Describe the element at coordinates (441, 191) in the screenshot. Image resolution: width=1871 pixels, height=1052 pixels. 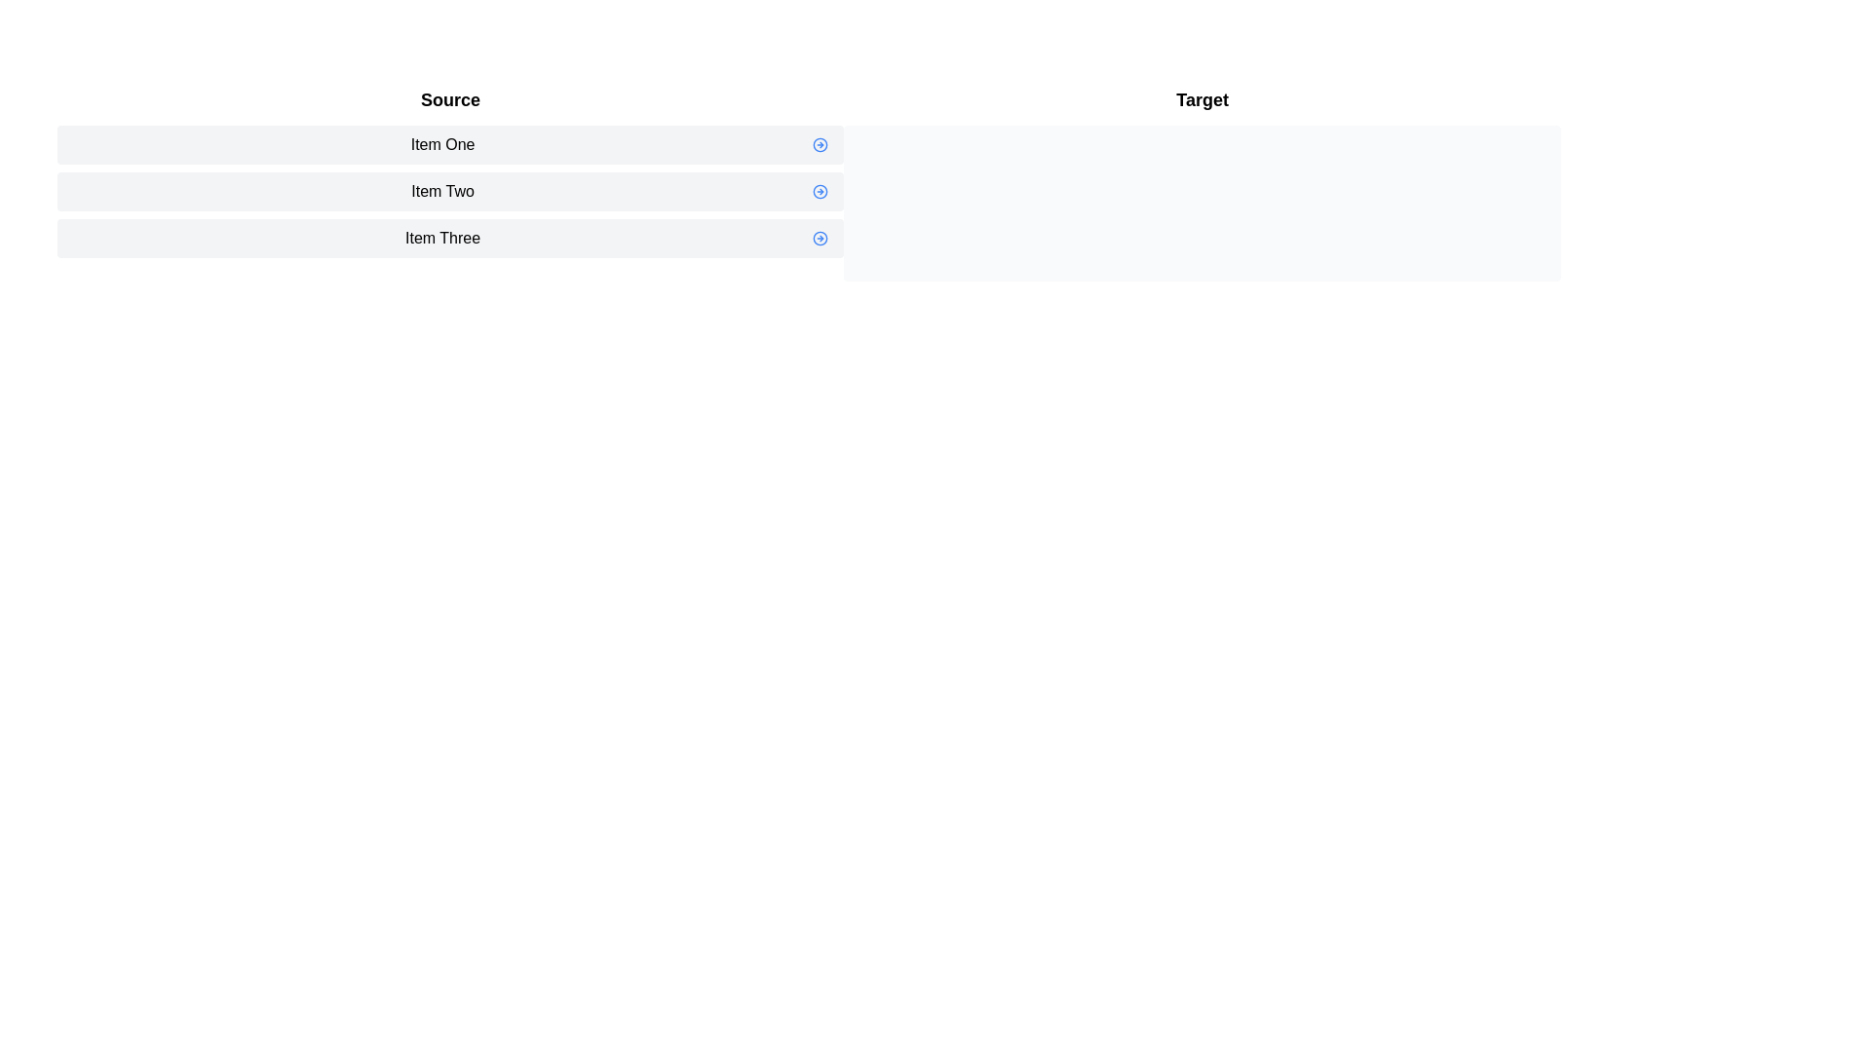
I see `text content of the label 'Item Two', which is the second item in a vertically stacked list of items` at that location.